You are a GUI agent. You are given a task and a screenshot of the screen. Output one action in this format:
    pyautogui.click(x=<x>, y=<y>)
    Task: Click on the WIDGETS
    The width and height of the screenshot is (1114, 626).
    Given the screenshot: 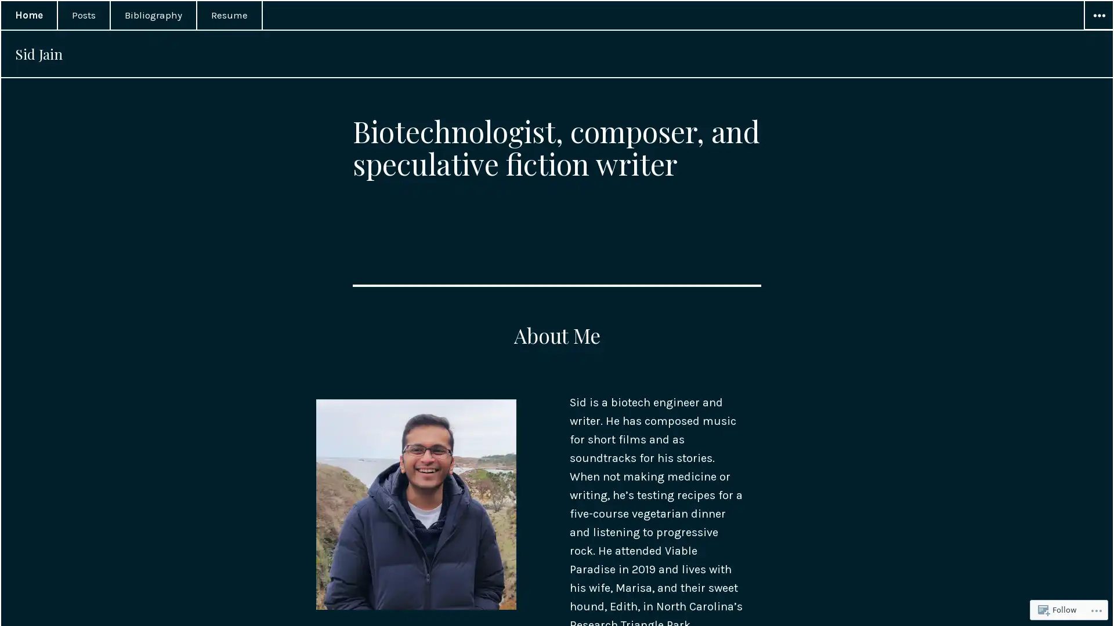 What is the action you would take?
    pyautogui.click(x=1097, y=16)
    